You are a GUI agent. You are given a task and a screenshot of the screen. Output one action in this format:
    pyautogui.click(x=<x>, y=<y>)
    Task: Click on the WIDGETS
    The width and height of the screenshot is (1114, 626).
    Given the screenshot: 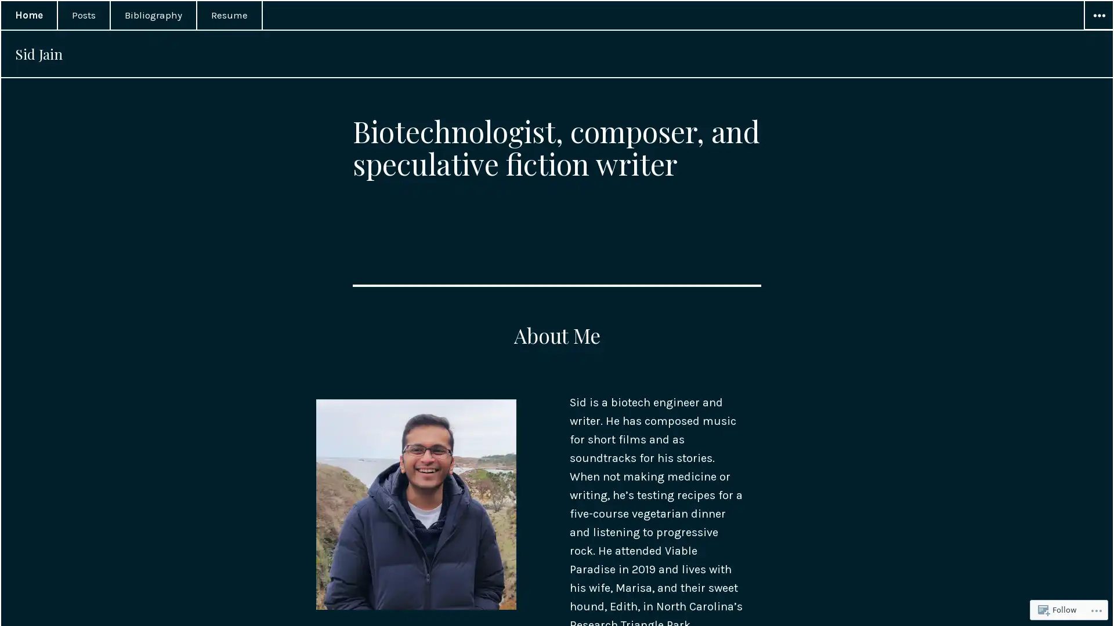 What is the action you would take?
    pyautogui.click(x=1097, y=16)
    